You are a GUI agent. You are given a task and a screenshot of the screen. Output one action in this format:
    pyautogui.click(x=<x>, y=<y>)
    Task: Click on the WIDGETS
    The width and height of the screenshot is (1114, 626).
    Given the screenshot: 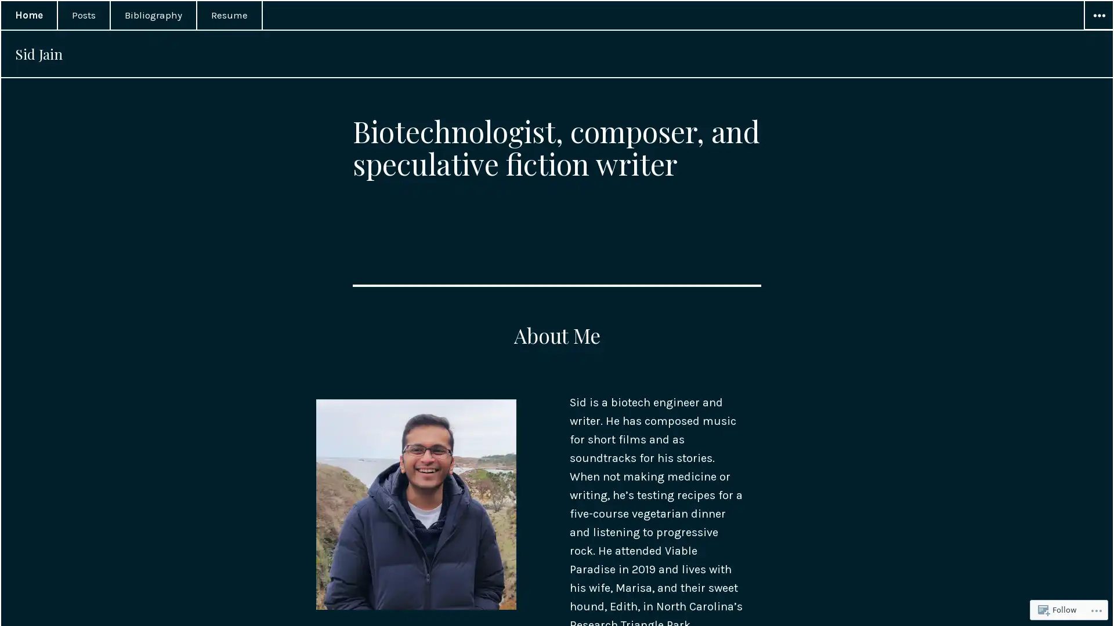 What is the action you would take?
    pyautogui.click(x=1097, y=16)
    